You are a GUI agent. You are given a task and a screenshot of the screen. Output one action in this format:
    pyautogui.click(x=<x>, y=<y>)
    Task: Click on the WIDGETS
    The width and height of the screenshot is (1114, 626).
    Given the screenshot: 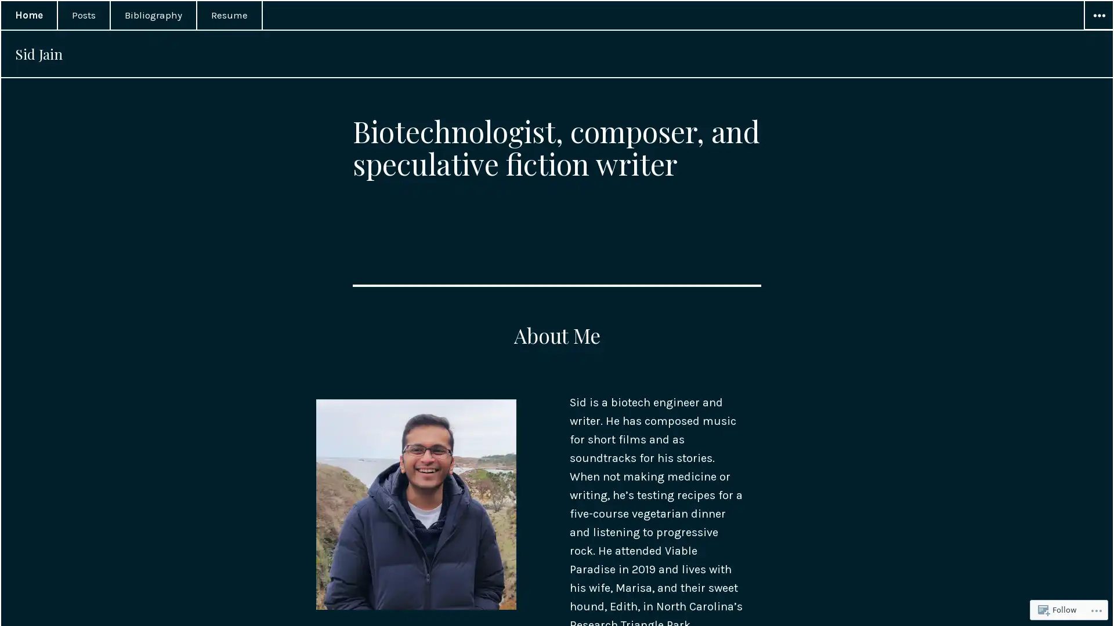 What is the action you would take?
    pyautogui.click(x=1097, y=16)
    